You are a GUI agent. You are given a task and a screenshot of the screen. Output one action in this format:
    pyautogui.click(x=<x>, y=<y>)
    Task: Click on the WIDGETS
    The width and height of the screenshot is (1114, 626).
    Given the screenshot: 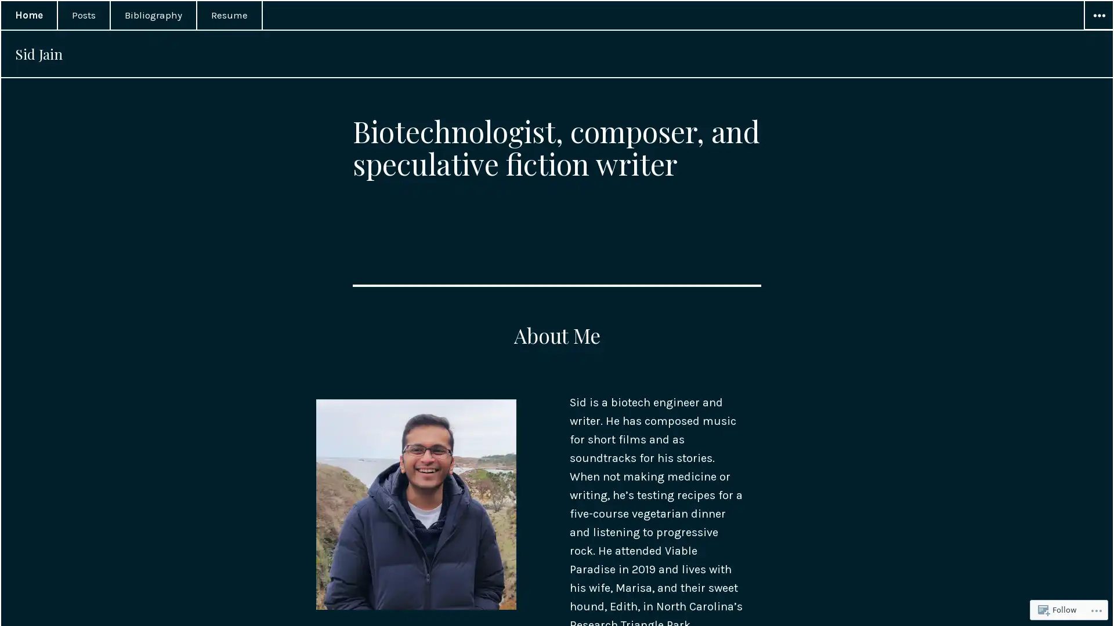 What is the action you would take?
    pyautogui.click(x=1097, y=16)
    